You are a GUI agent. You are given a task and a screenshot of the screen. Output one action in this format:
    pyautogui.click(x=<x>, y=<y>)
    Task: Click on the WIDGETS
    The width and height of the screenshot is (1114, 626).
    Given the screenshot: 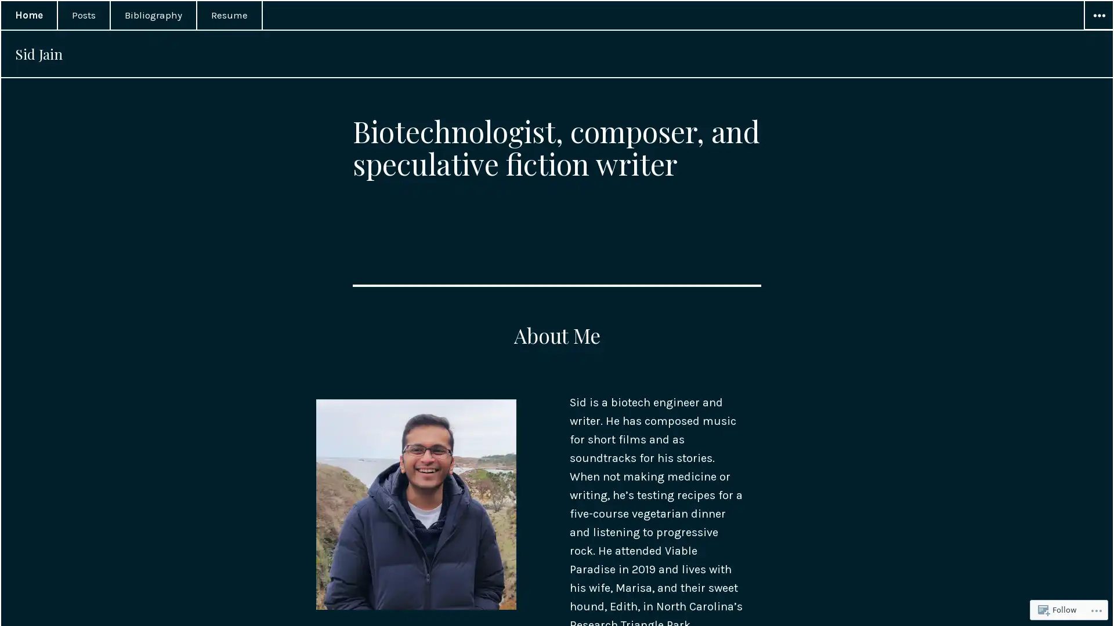 What is the action you would take?
    pyautogui.click(x=1097, y=16)
    